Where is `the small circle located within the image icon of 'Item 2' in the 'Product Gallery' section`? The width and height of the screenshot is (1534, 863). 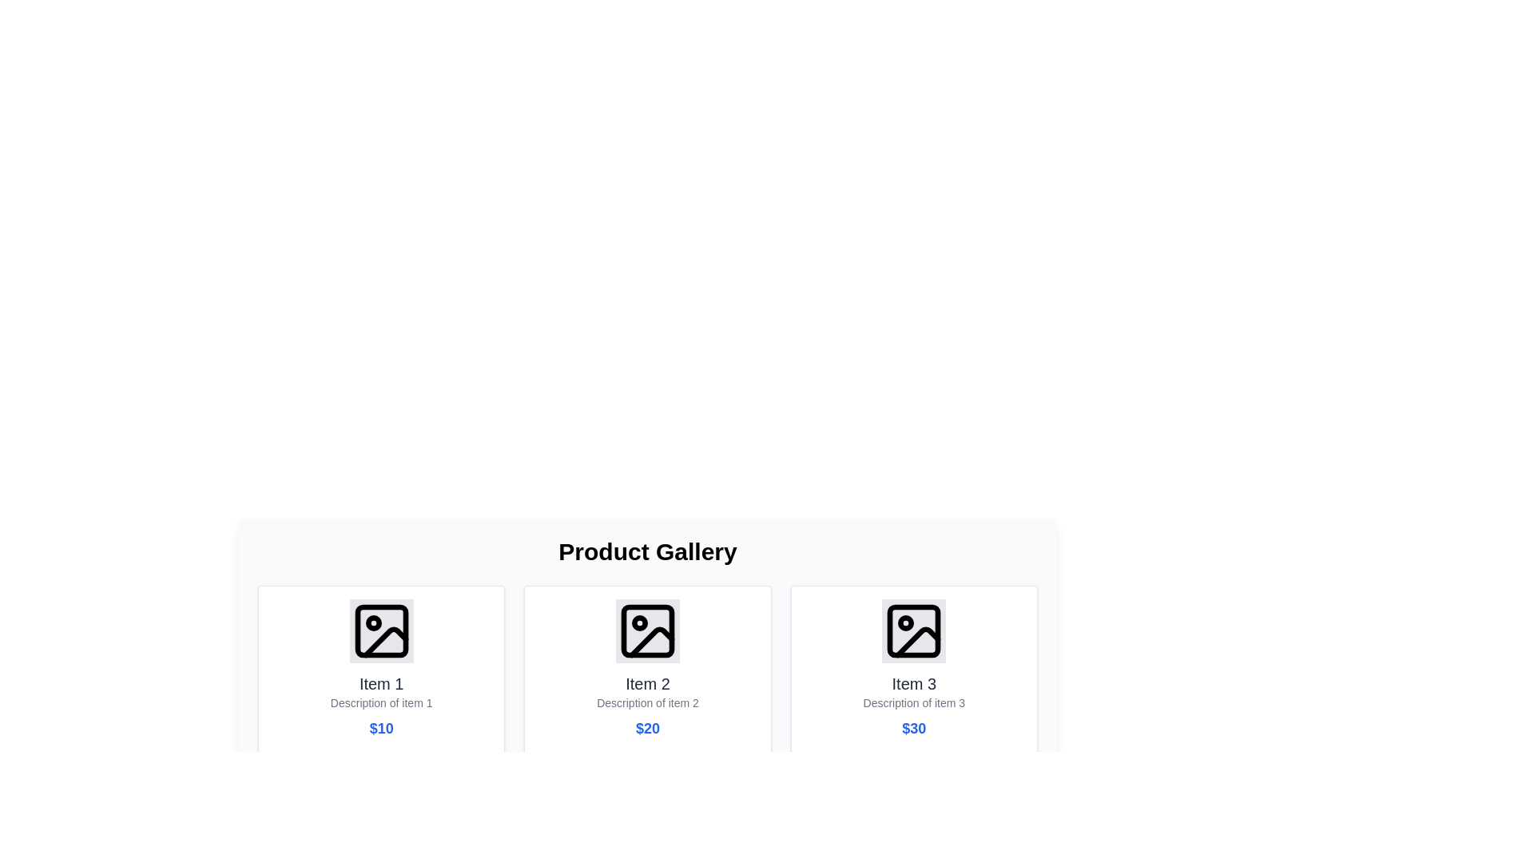
the small circle located within the image icon of 'Item 2' in the 'Product Gallery' section is located at coordinates (640, 622).